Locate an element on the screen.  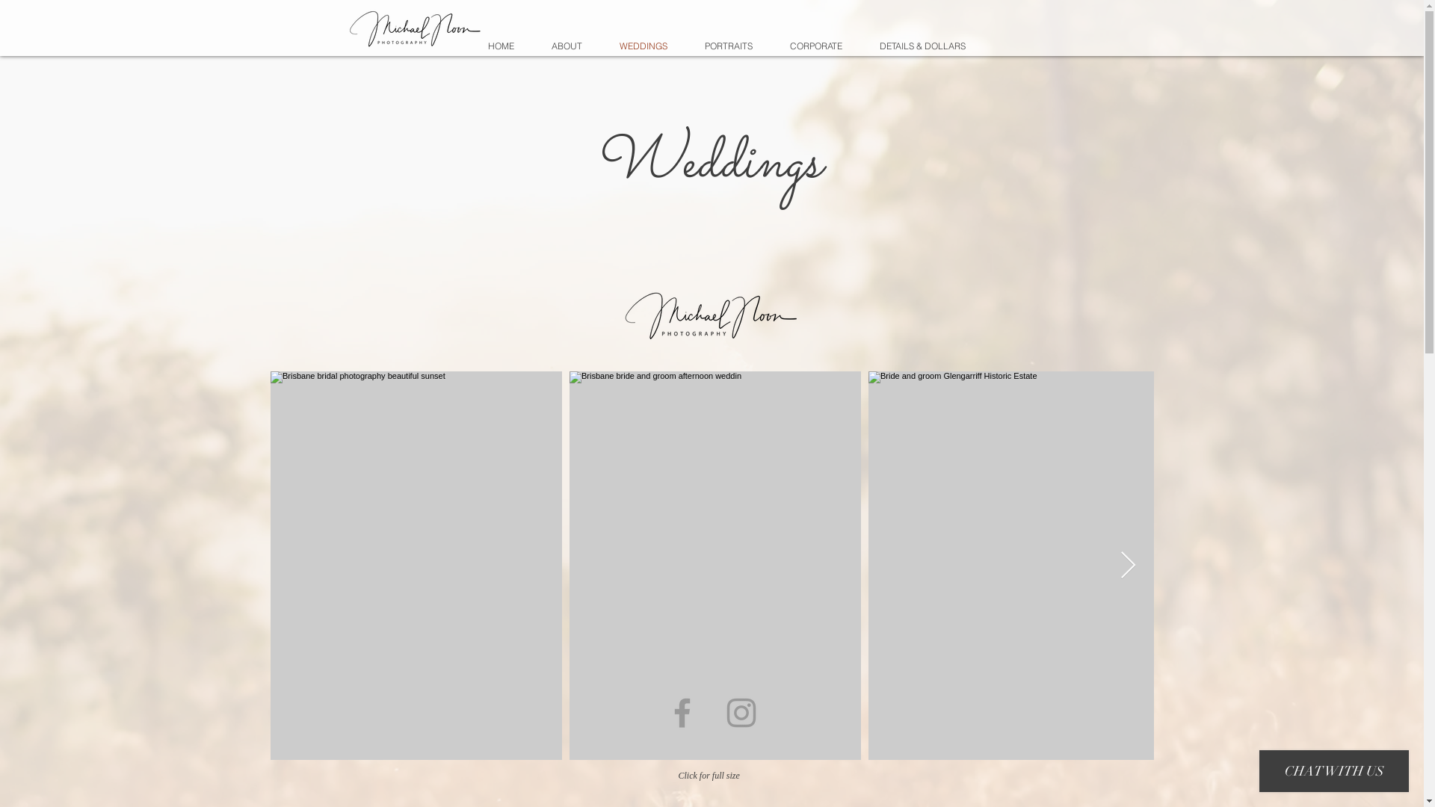
'PORTRAITS' is located at coordinates (728, 45).